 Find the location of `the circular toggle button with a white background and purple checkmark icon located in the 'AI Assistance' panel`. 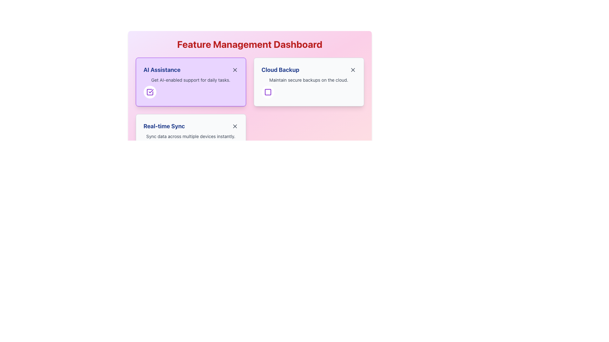

the circular toggle button with a white background and purple checkmark icon located in the 'AI Assistance' panel is located at coordinates (149, 92).